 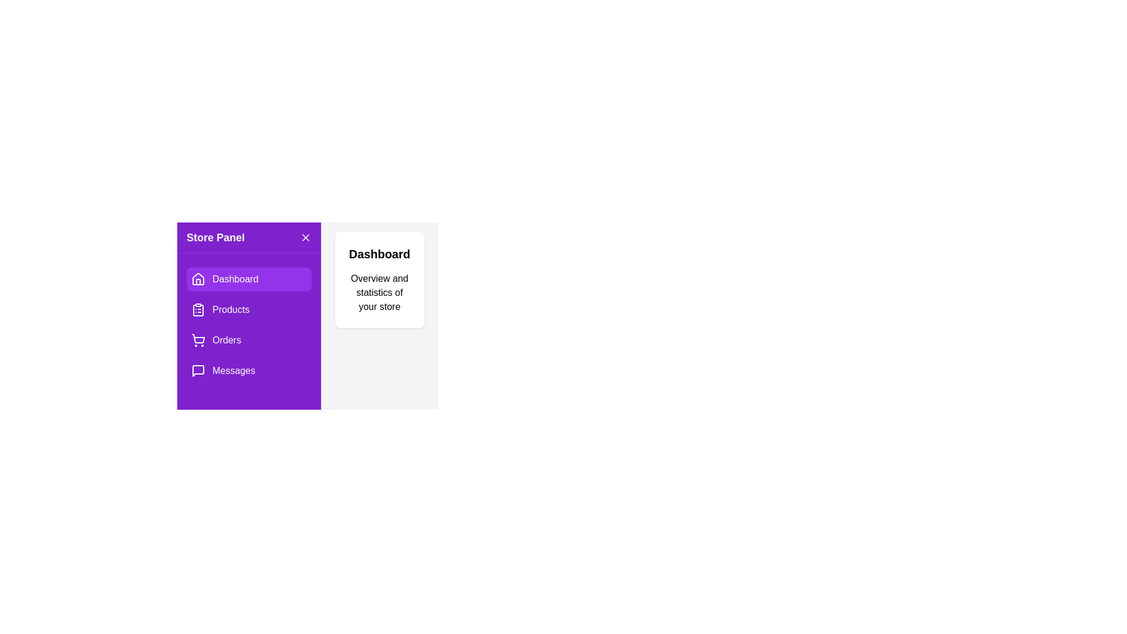 What do you see at coordinates (379, 292) in the screenshot?
I see `the text displaying 'Overview and statistics of your store' for reading` at bounding box center [379, 292].